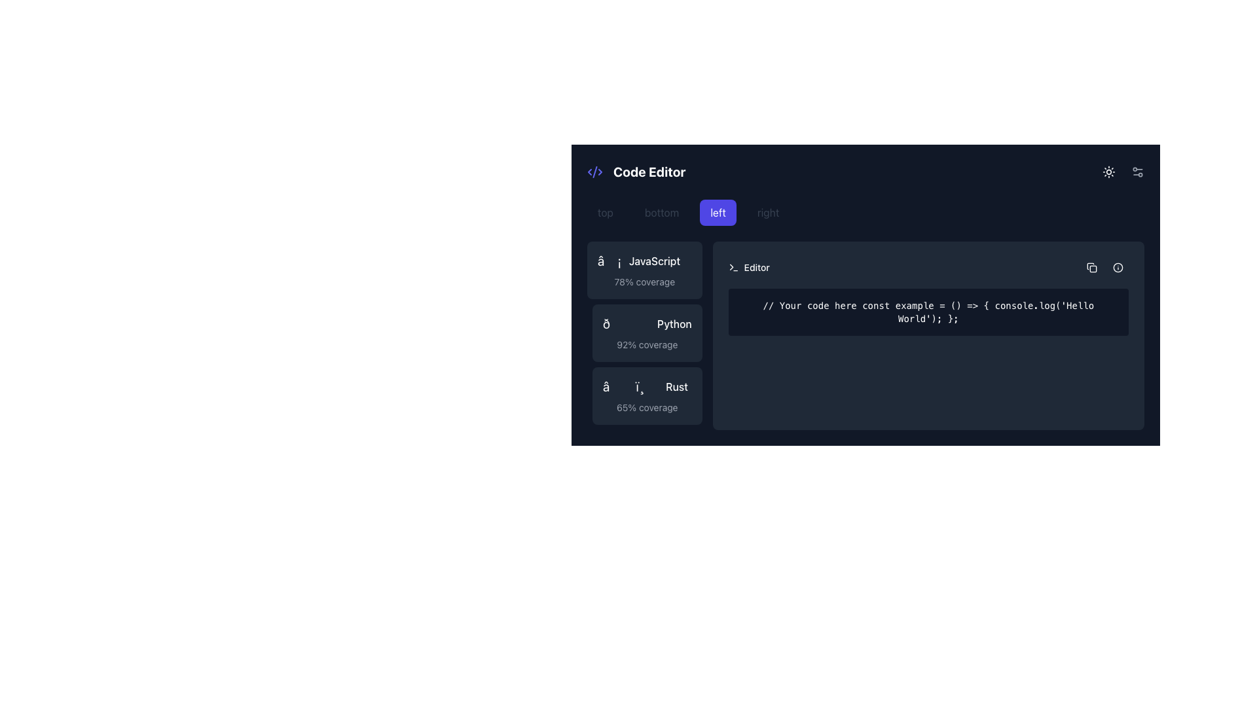  Describe the element at coordinates (865, 295) in the screenshot. I see `the text within the dark-themed rectangular panel displaying JavaScript code for copying` at that location.